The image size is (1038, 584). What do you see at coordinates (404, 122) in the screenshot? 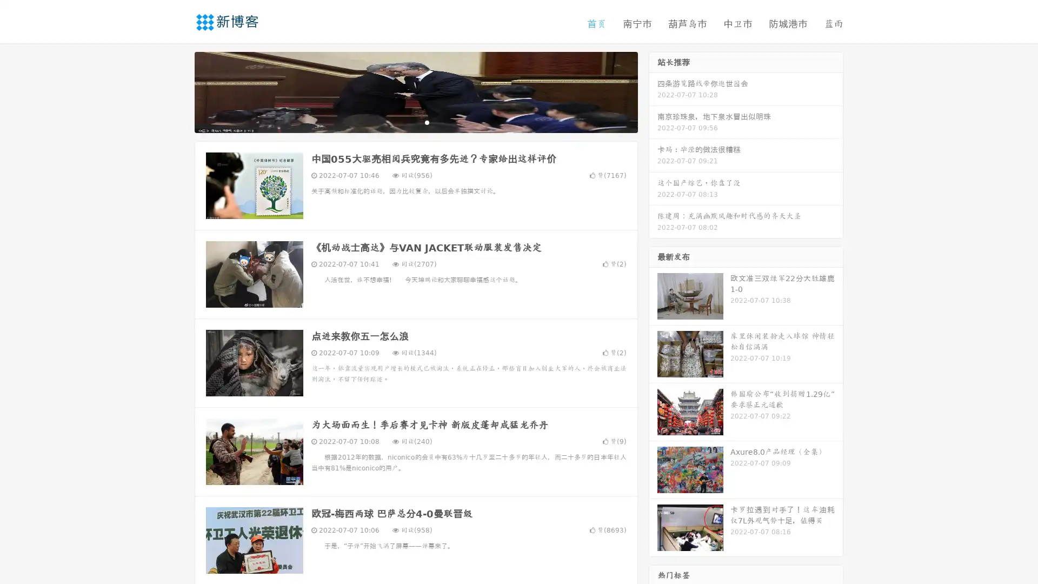
I see `Go to slide 1` at bounding box center [404, 122].